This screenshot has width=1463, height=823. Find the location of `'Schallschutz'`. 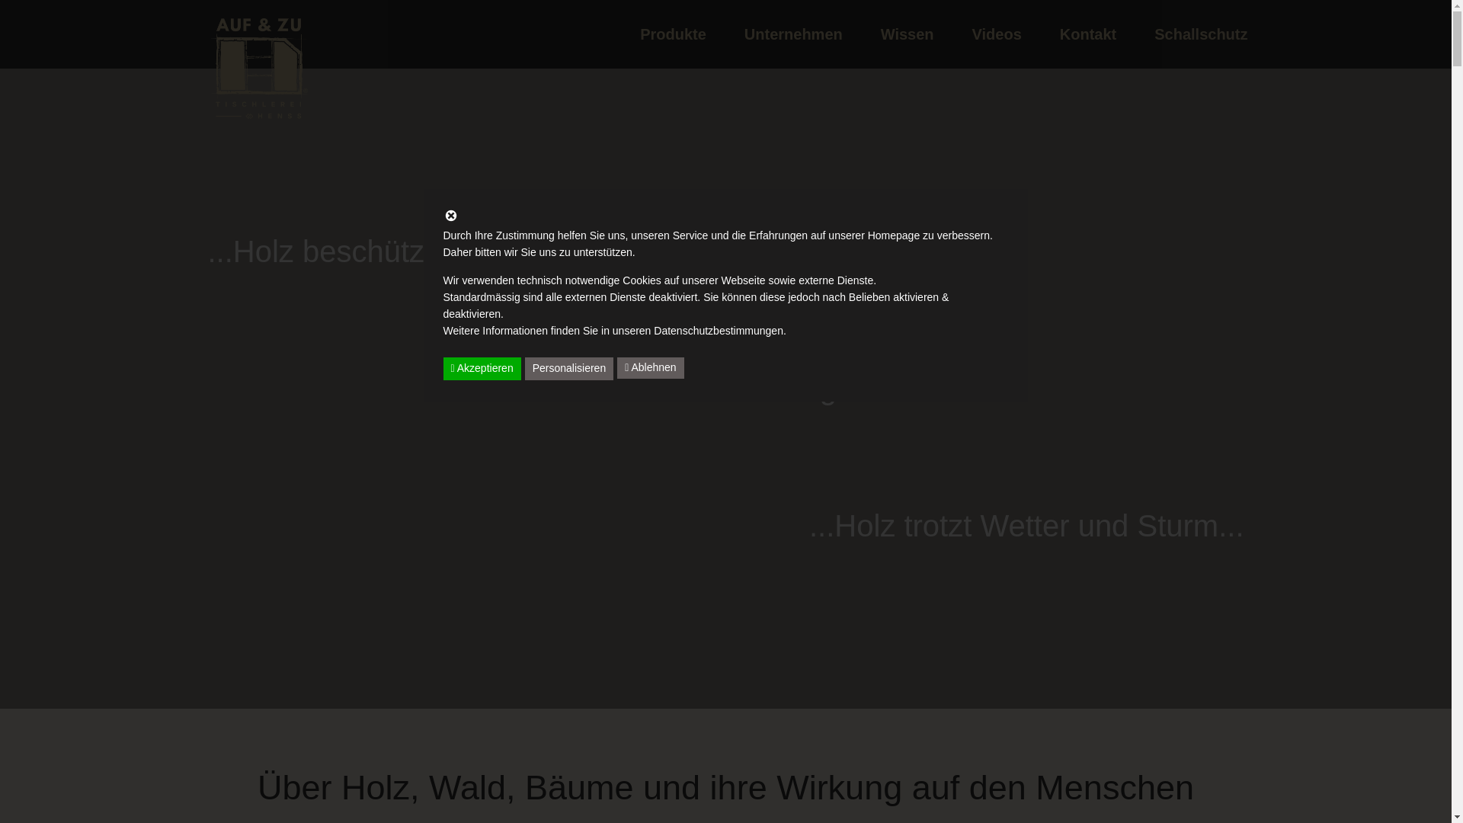

'Schallschutz' is located at coordinates (1199, 34).